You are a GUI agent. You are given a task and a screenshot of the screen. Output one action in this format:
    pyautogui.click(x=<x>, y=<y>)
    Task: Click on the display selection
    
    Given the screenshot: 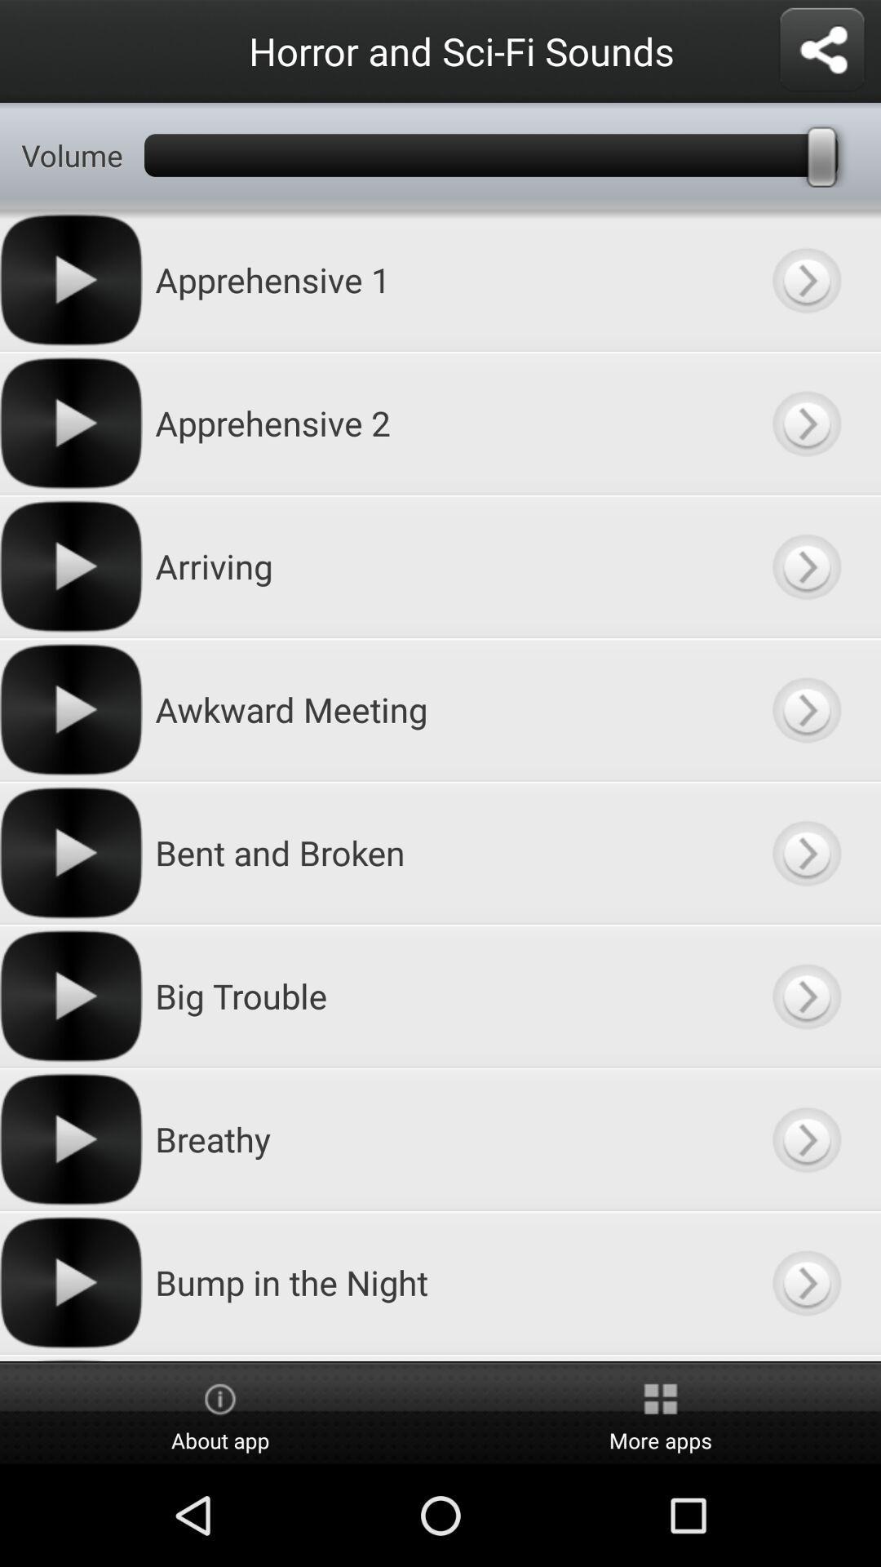 What is the action you would take?
    pyautogui.click(x=805, y=1139)
    